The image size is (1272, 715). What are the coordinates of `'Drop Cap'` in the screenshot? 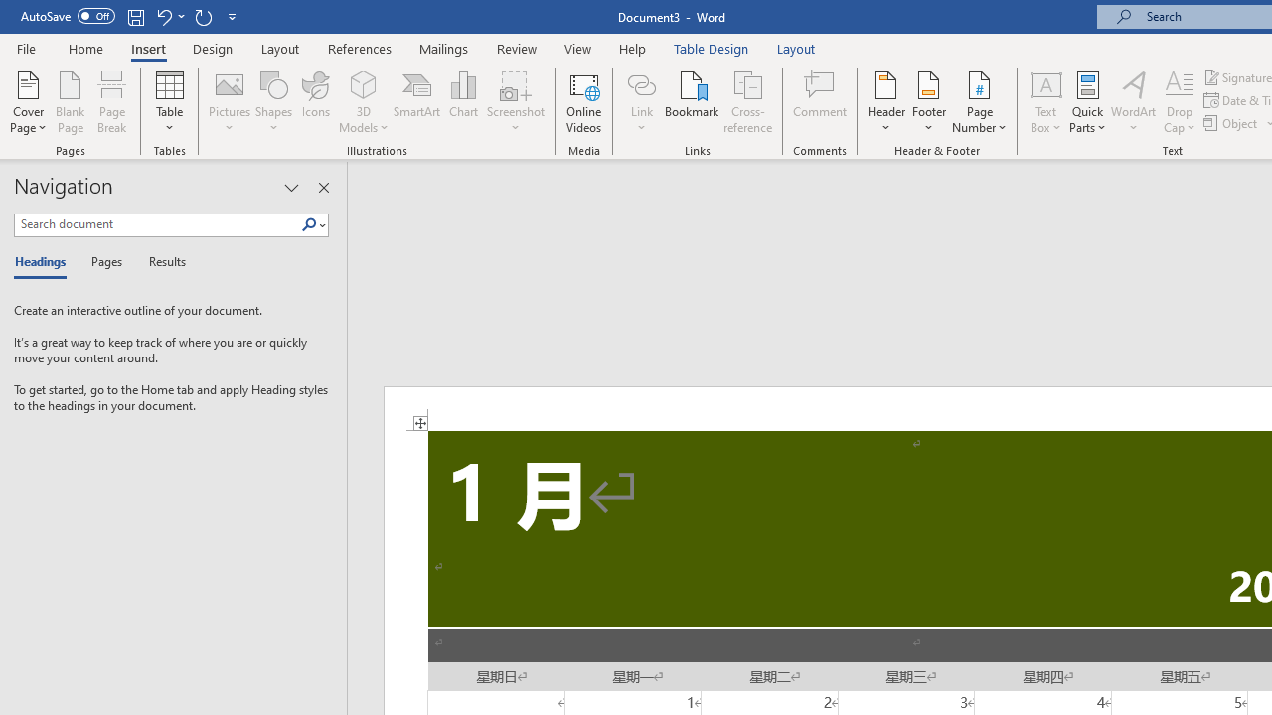 It's located at (1180, 102).